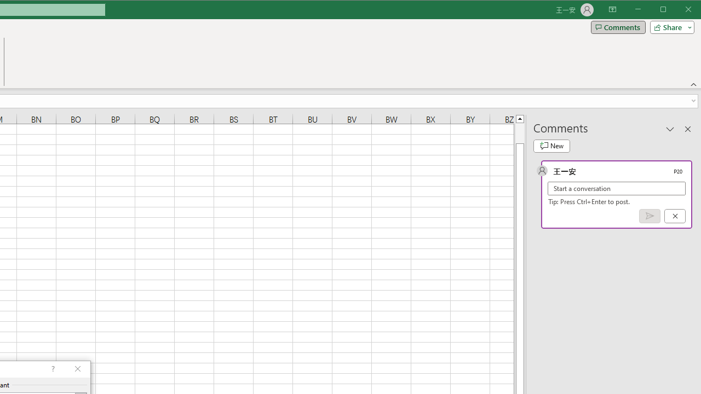 The height and width of the screenshot is (394, 701). Describe the element at coordinates (519, 132) in the screenshot. I see `'Page up'` at that location.